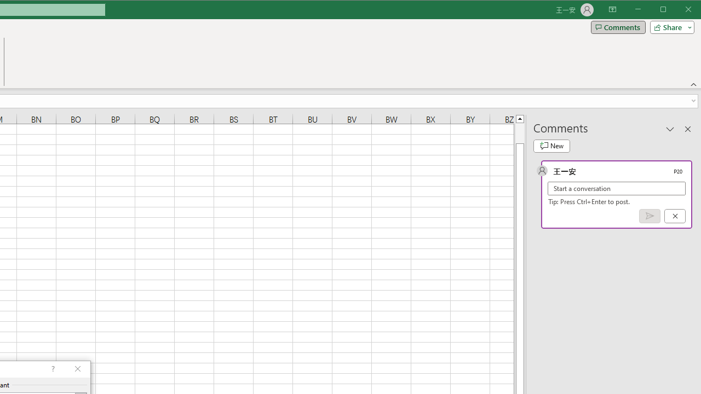 The height and width of the screenshot is (394, 701). Describe the element at coordinates (519, 132) in the screenshot. I see `'Page up'` at that location.